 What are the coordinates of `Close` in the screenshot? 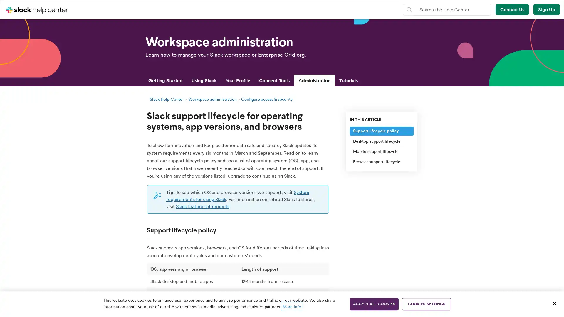 It's located at (554, 303).